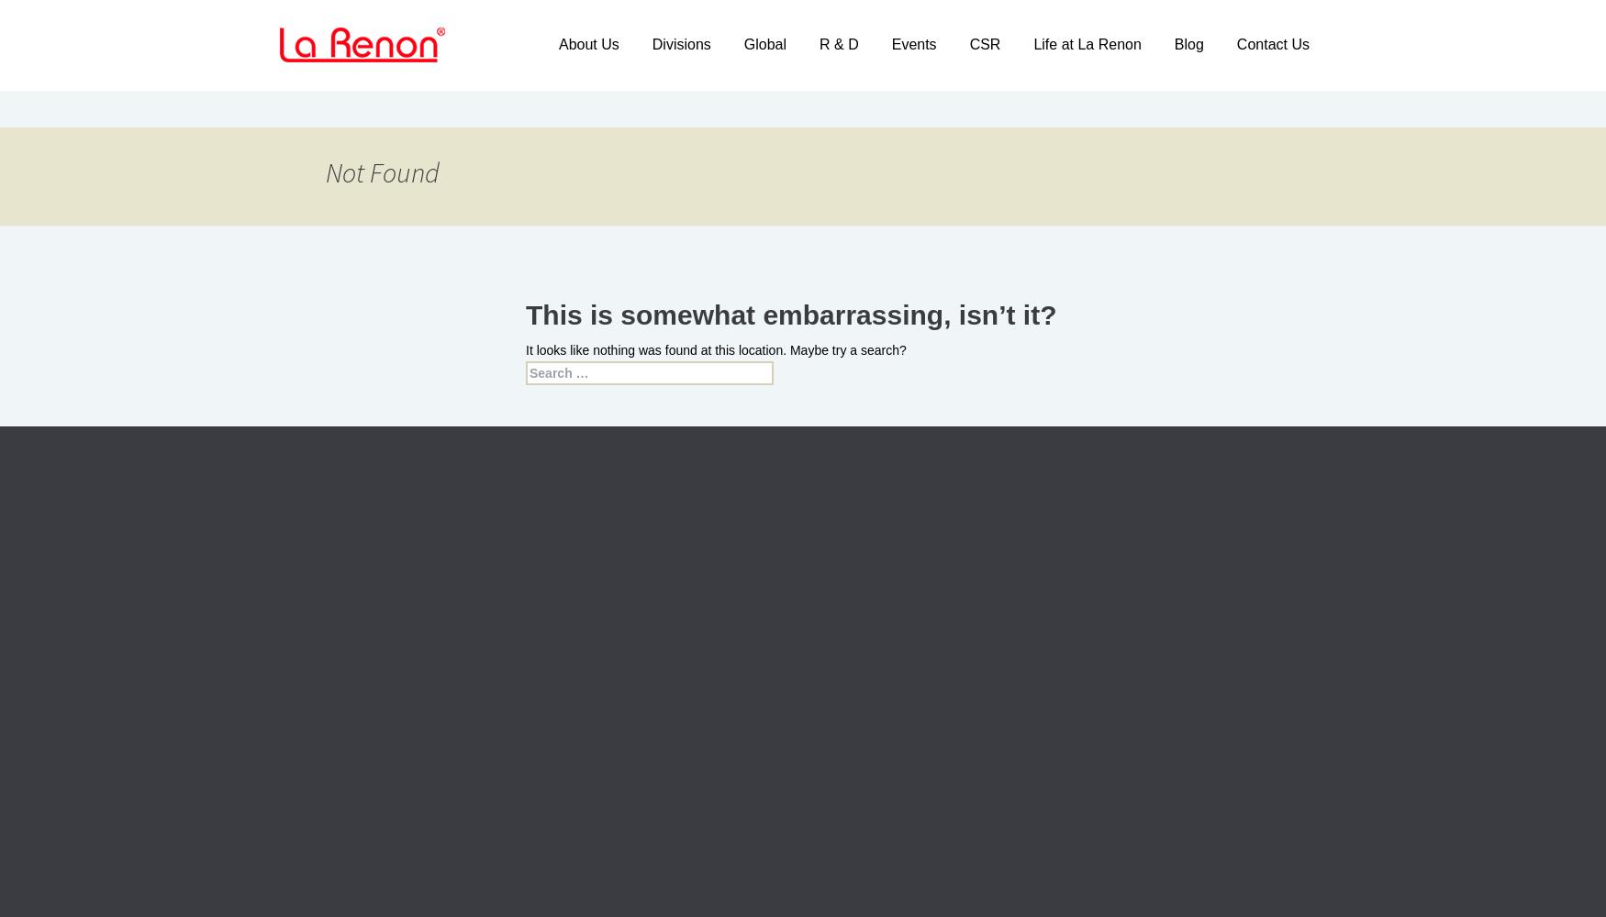 The width and height of the screenshot is (1606, 917). I want to click on 'view/61349165', so click(547, 639).